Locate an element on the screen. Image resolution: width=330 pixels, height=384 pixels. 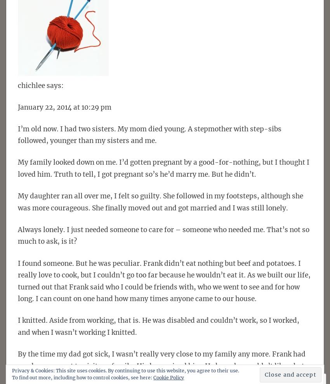
'Always lonely. I just needed someone to care for – someone who needed me. That’s not so much to ask, is it?' is located at coordinates (163, 235).